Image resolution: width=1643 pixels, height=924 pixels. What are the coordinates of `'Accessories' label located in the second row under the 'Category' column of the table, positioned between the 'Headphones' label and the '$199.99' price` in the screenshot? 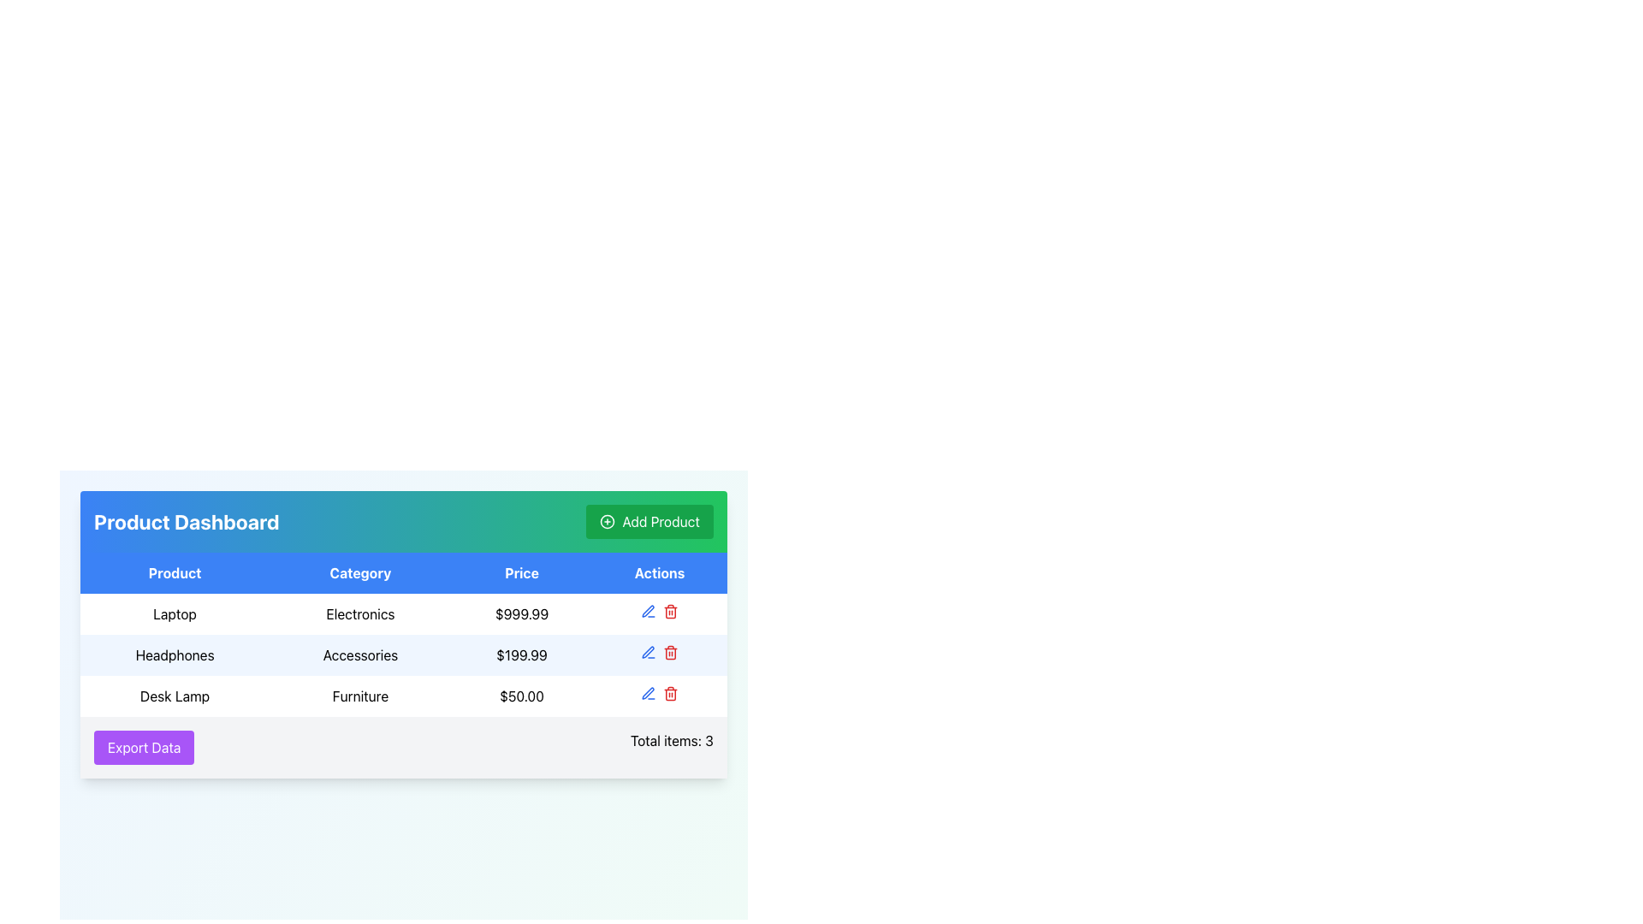 It's located at (359, 654).